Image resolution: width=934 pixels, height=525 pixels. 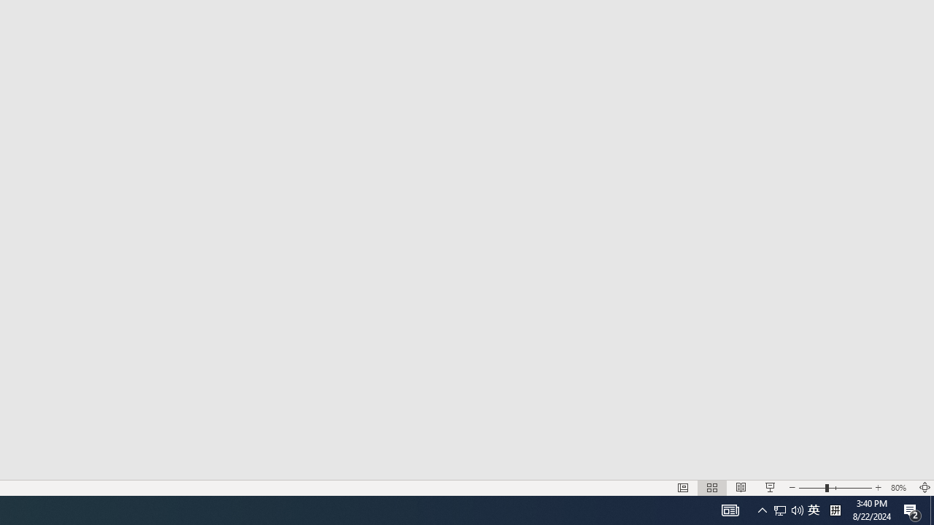 What do you see at coordinates (762, 509) in the screenshot?
I see `'Notification Chevron'` at bounding box center [762, 509].